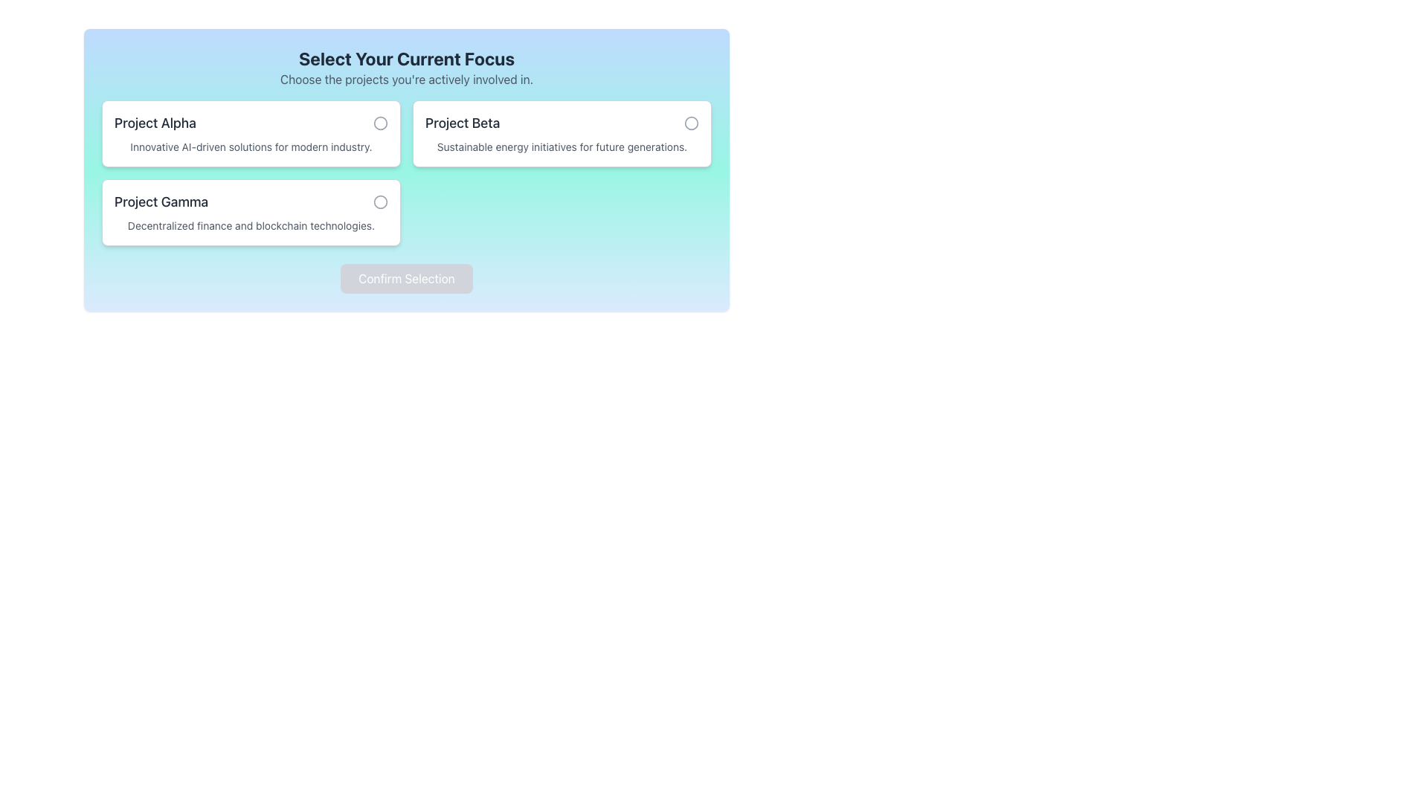  What do you see at coordinates (561, 122) in the screenshot?
I see `the text label 'Project Beta' located at the top of the card, which is styled with a dark, bold font and positioned to the left of a circular icon` at bounding box center [561, 122].